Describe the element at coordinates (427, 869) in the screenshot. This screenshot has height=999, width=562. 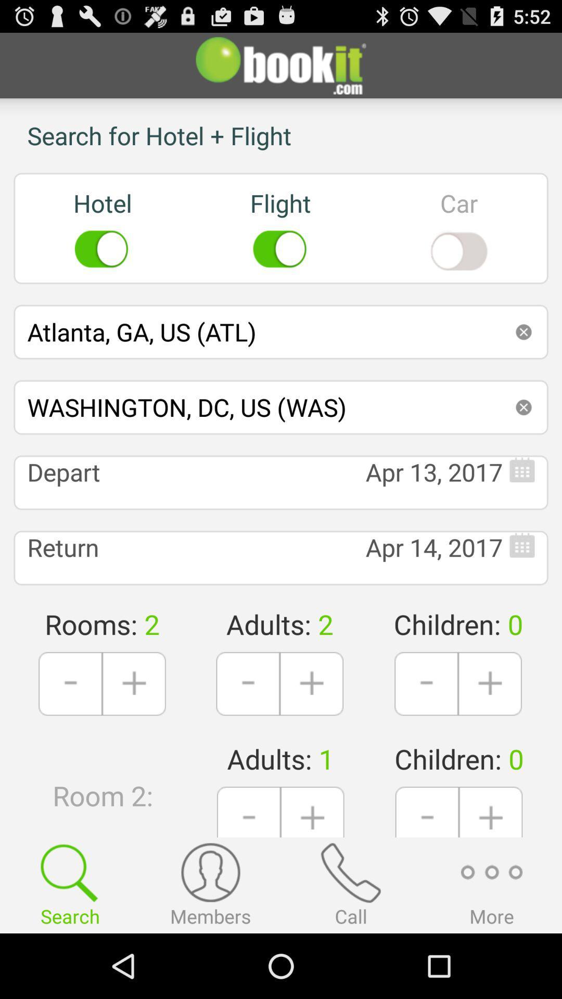
I see `the minus icon` at that location.